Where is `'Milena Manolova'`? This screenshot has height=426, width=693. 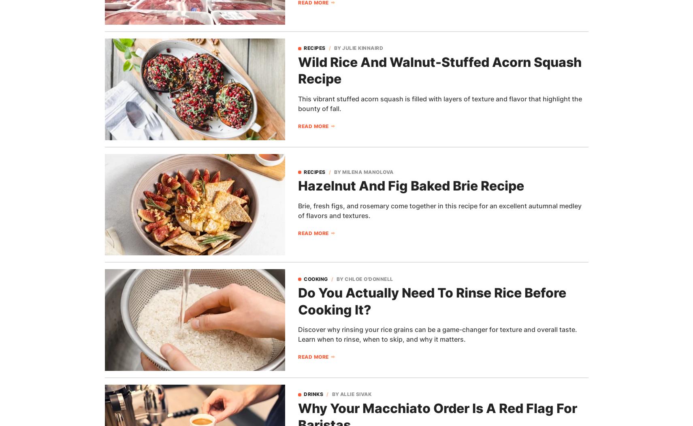
'Milena Manolova' is located at coordinates (368, 171).